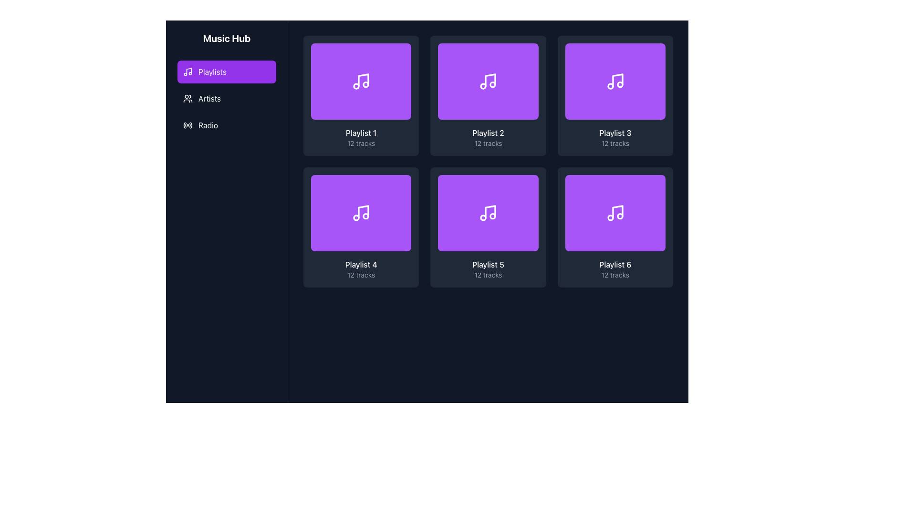 Image resolution: width=916 pixels, height=515 pixels. What do you see at coordinates (615, 81) in the screenshot?
I see `the SVG icon depicting musical notes, which is located within the purple, rounded rectangle labeled 'Playlist 3' in the third column of the first row of playlist icons` at bounding box center [615, 81].